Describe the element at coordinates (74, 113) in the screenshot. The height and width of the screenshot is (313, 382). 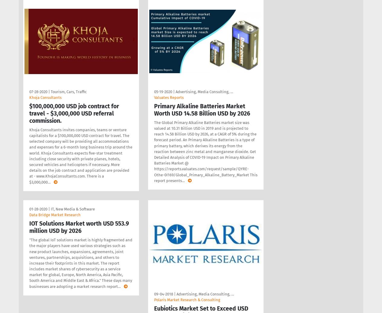
I see `'$100,000,000 USD job contract for travel - $3,000,000 USD referral commission.'` at that location.